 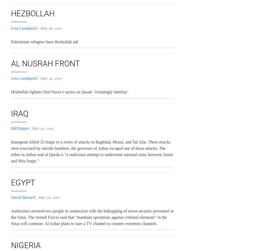 What do you see at coordinates (92, 217) in the screenshot?
I see `'Authorities arrested two people in connection with the kidnapping of seven security personnel in the Sinai. The Armed Forces said that “manhunt operations against criminal elements” in the Sinai will continue. Al Azhar plans to start a TV channel to counter extremist channels.'` at bounding box center [92, 217].